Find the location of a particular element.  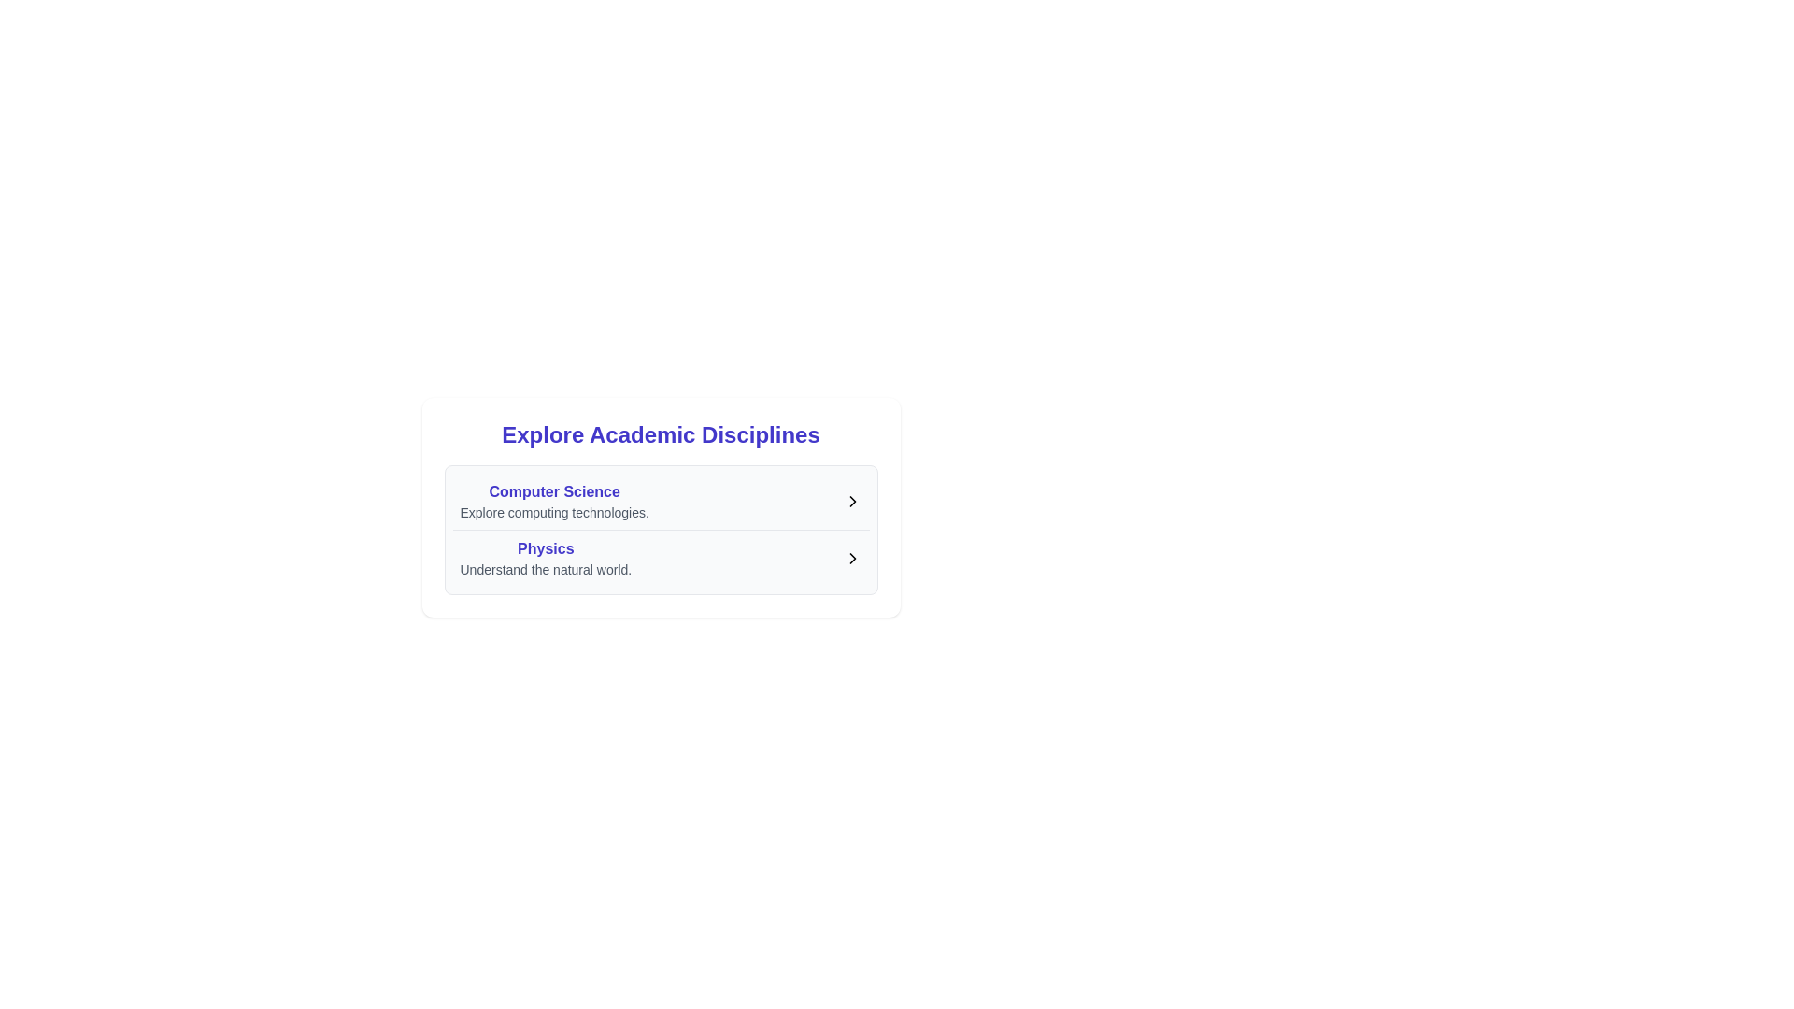

the navigational link for Computer Science located in the upper area of the 'Explore Academic Disciplines' card is located at coordinates (661, 500).